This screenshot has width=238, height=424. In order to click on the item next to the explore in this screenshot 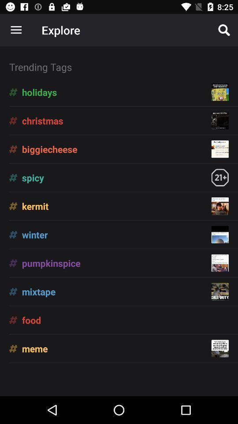, I will do `click(224, 30)`.